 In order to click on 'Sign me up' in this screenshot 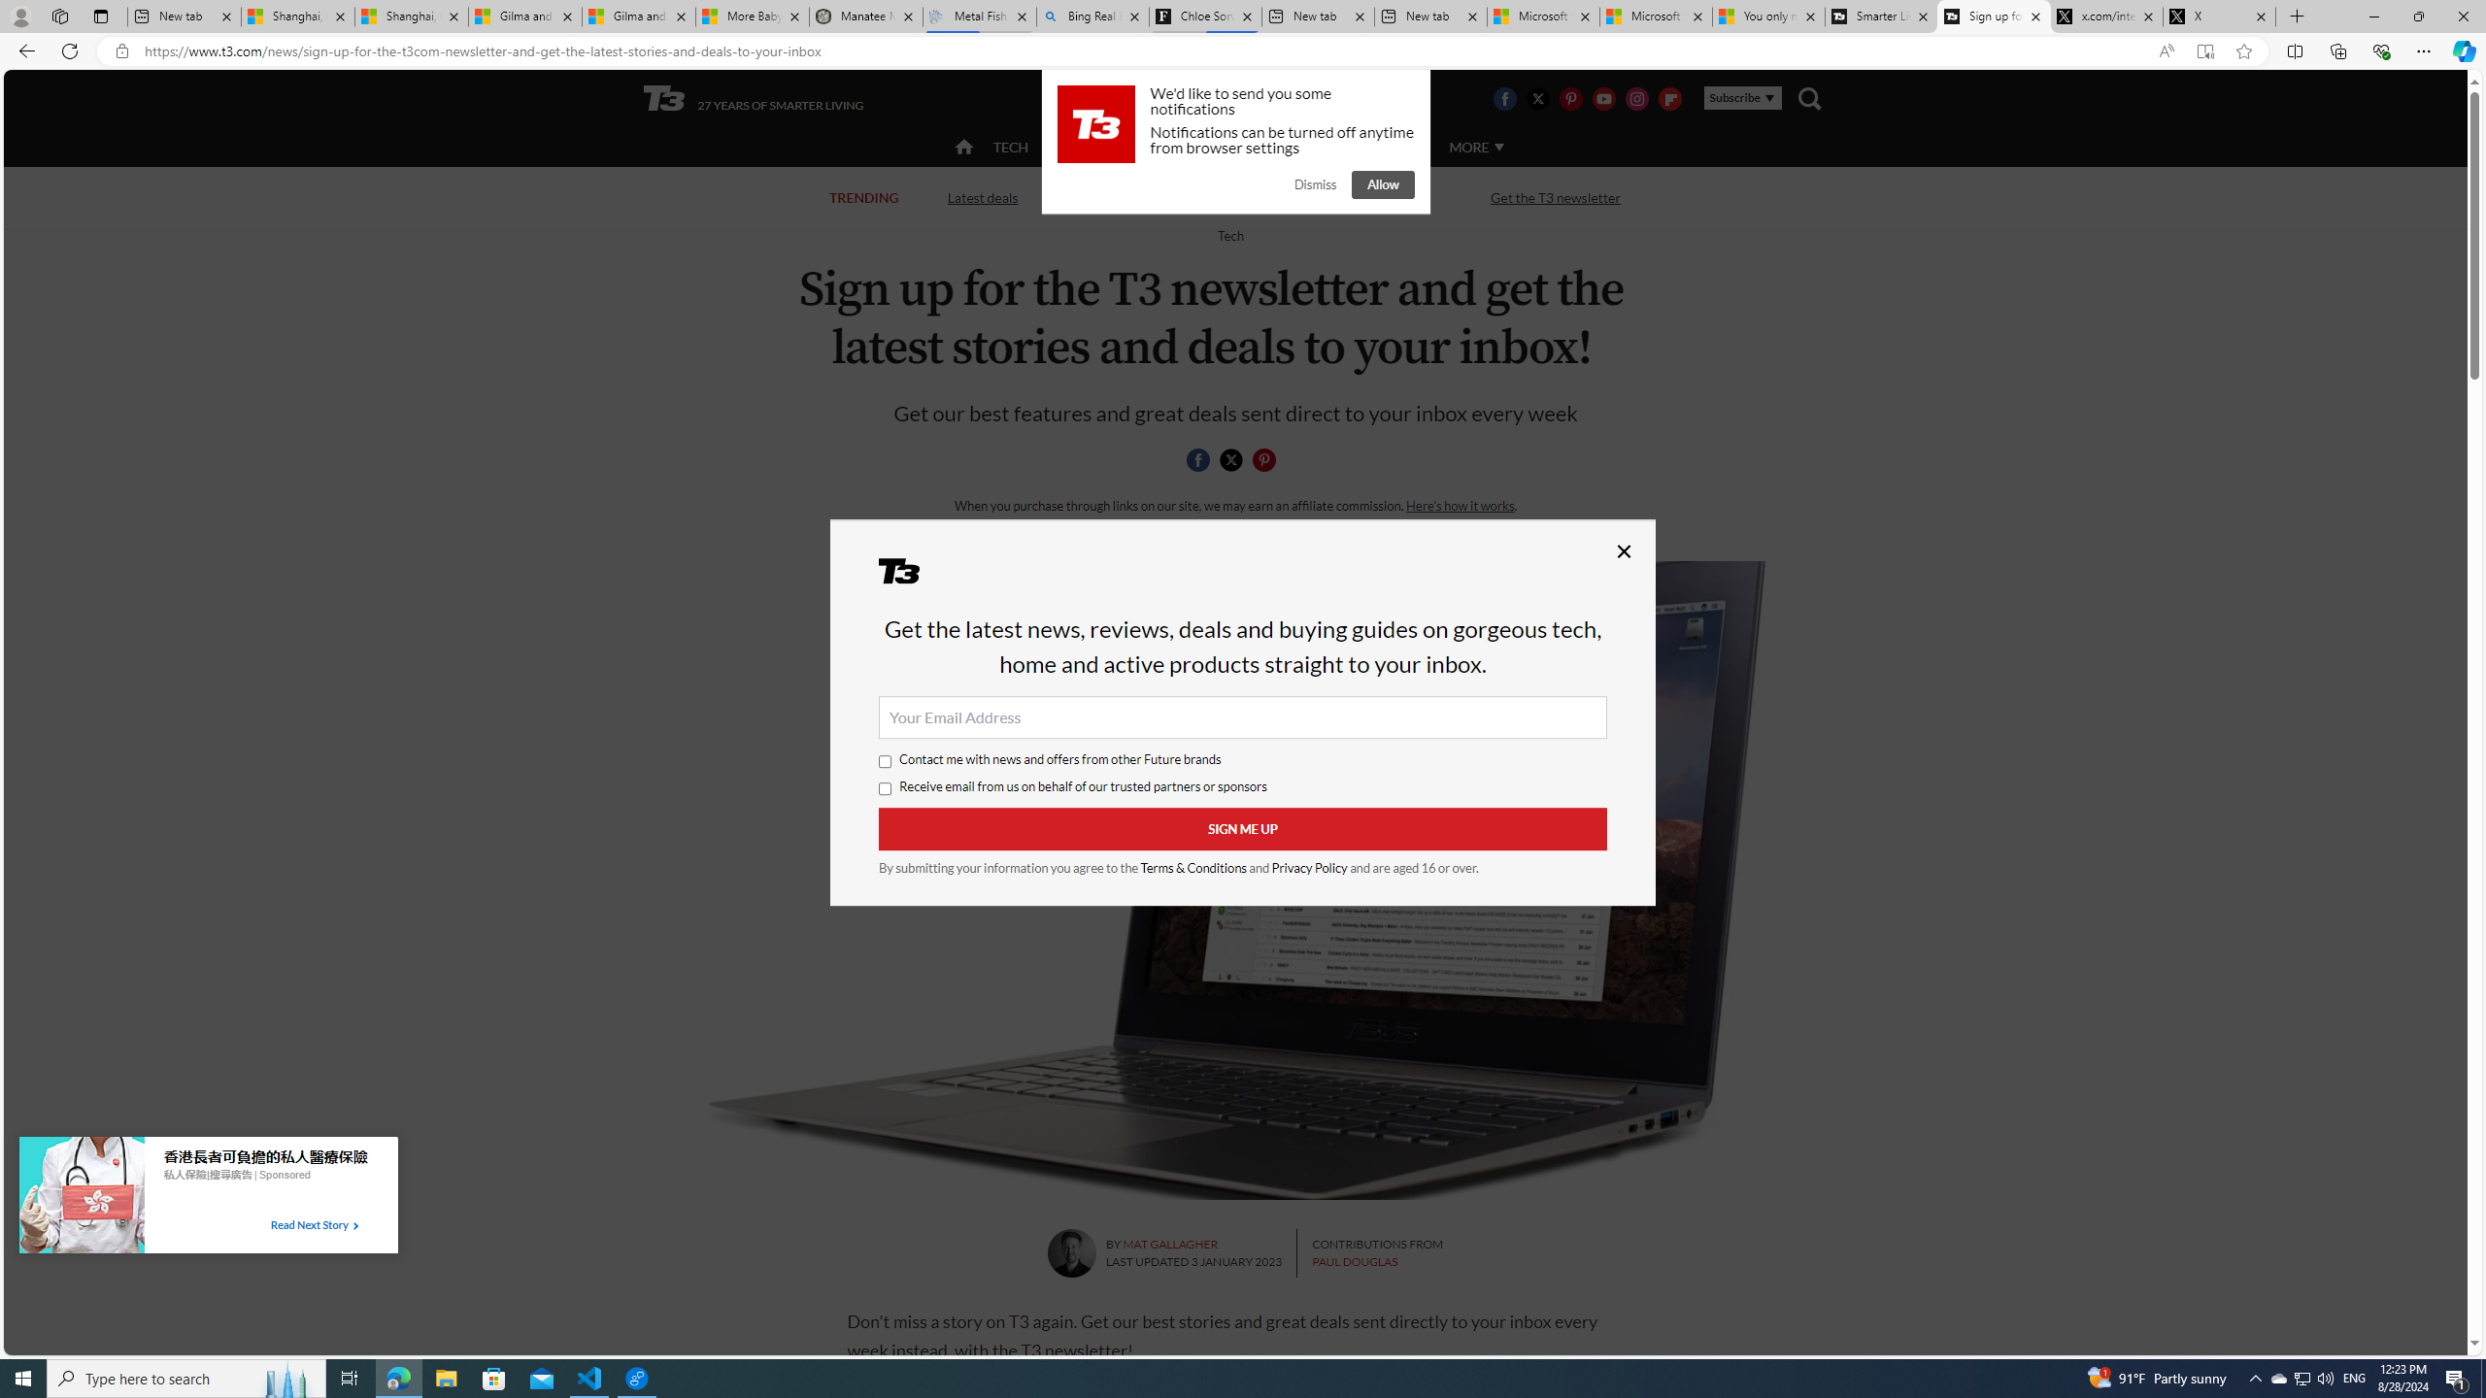, I will do `click(1243, 829)`.